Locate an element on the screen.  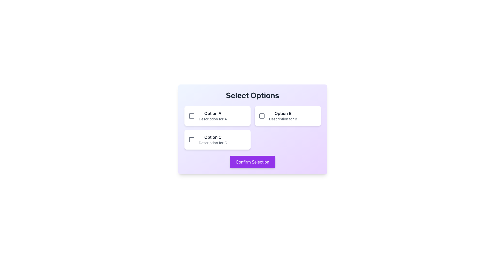
the text label displaying 'Description for C' which is styled in small gray font, located below the bolded label 'Option C' in the lower left portion of a selection interface is located at coordinates (213, 143).